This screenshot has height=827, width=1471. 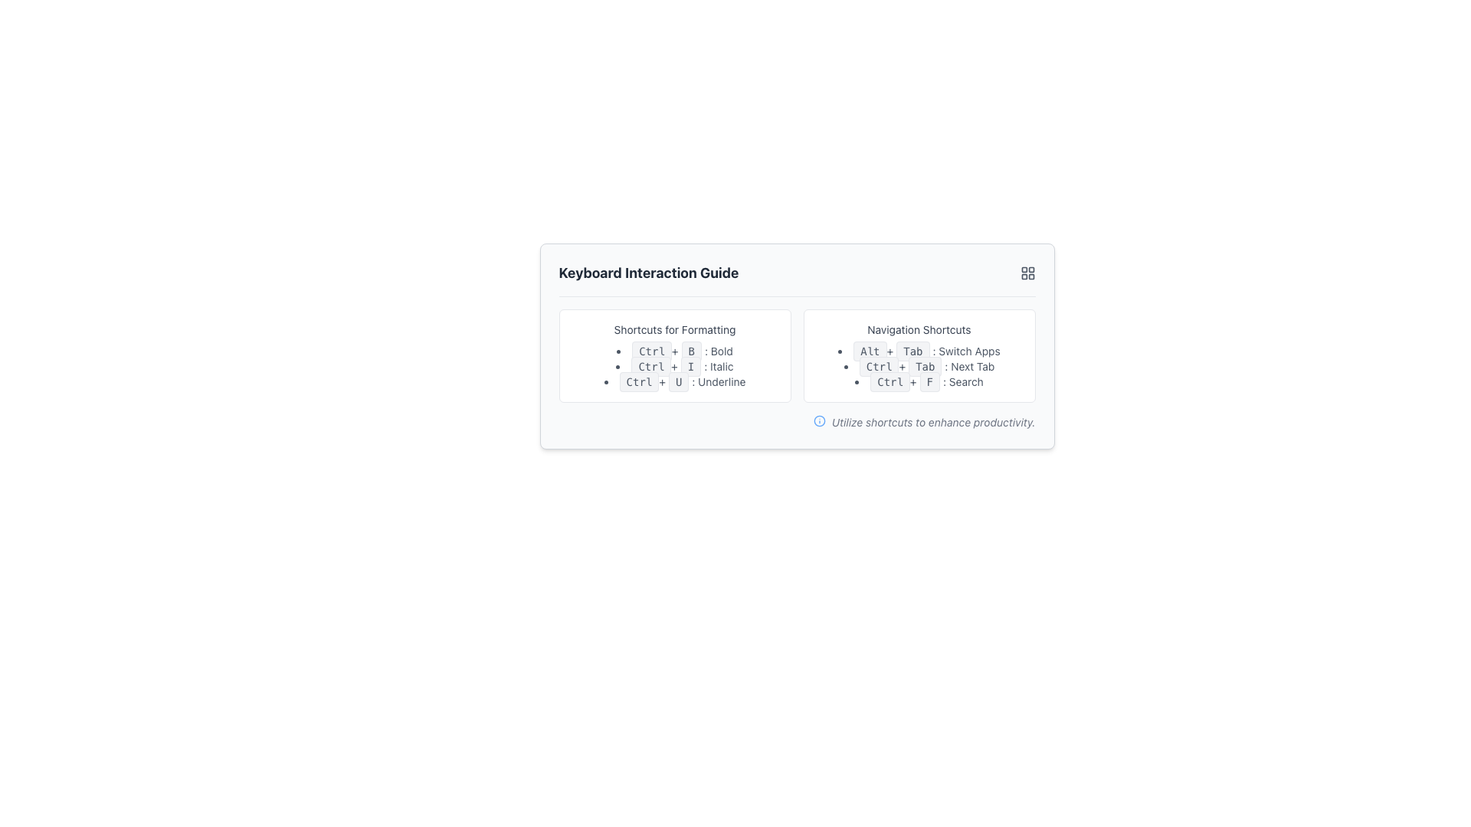 What do you see at coordinates (651, 366) in the screenshot?
I see `the 'Ctrl' text label, which represents a keyboard shortcut for italicizing text in the 'Shortcuts for Formatting' section` at bounding box center [651, 366].